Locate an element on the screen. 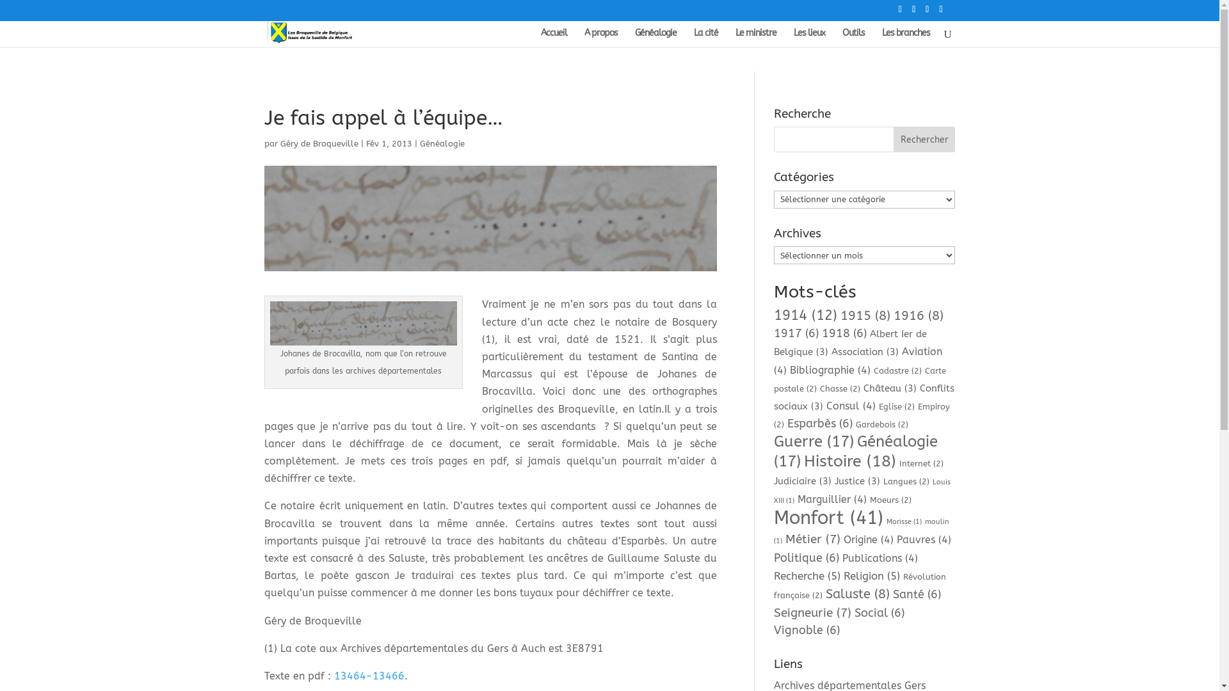 The width and height of the screenshot is (1229, 691). 'A propos' is located at coordinates (599, 37).